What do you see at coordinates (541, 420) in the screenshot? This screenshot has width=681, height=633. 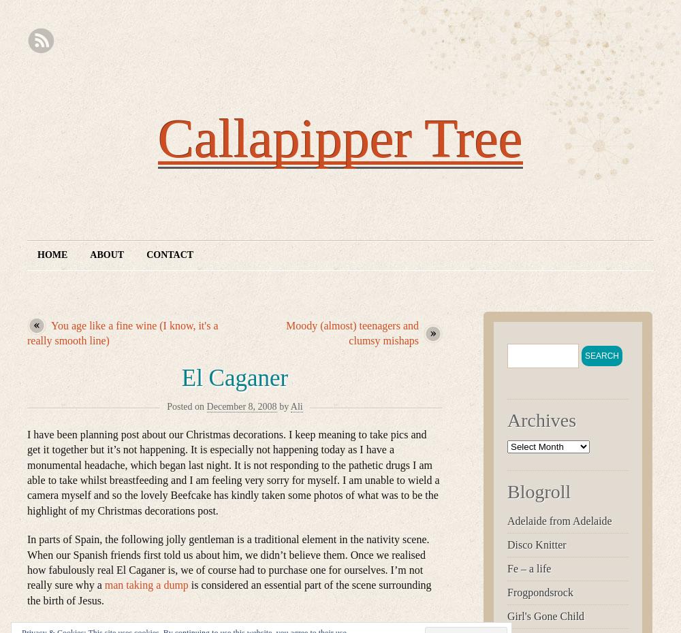 I see `'Archives'` at bounding box center [541, 420].